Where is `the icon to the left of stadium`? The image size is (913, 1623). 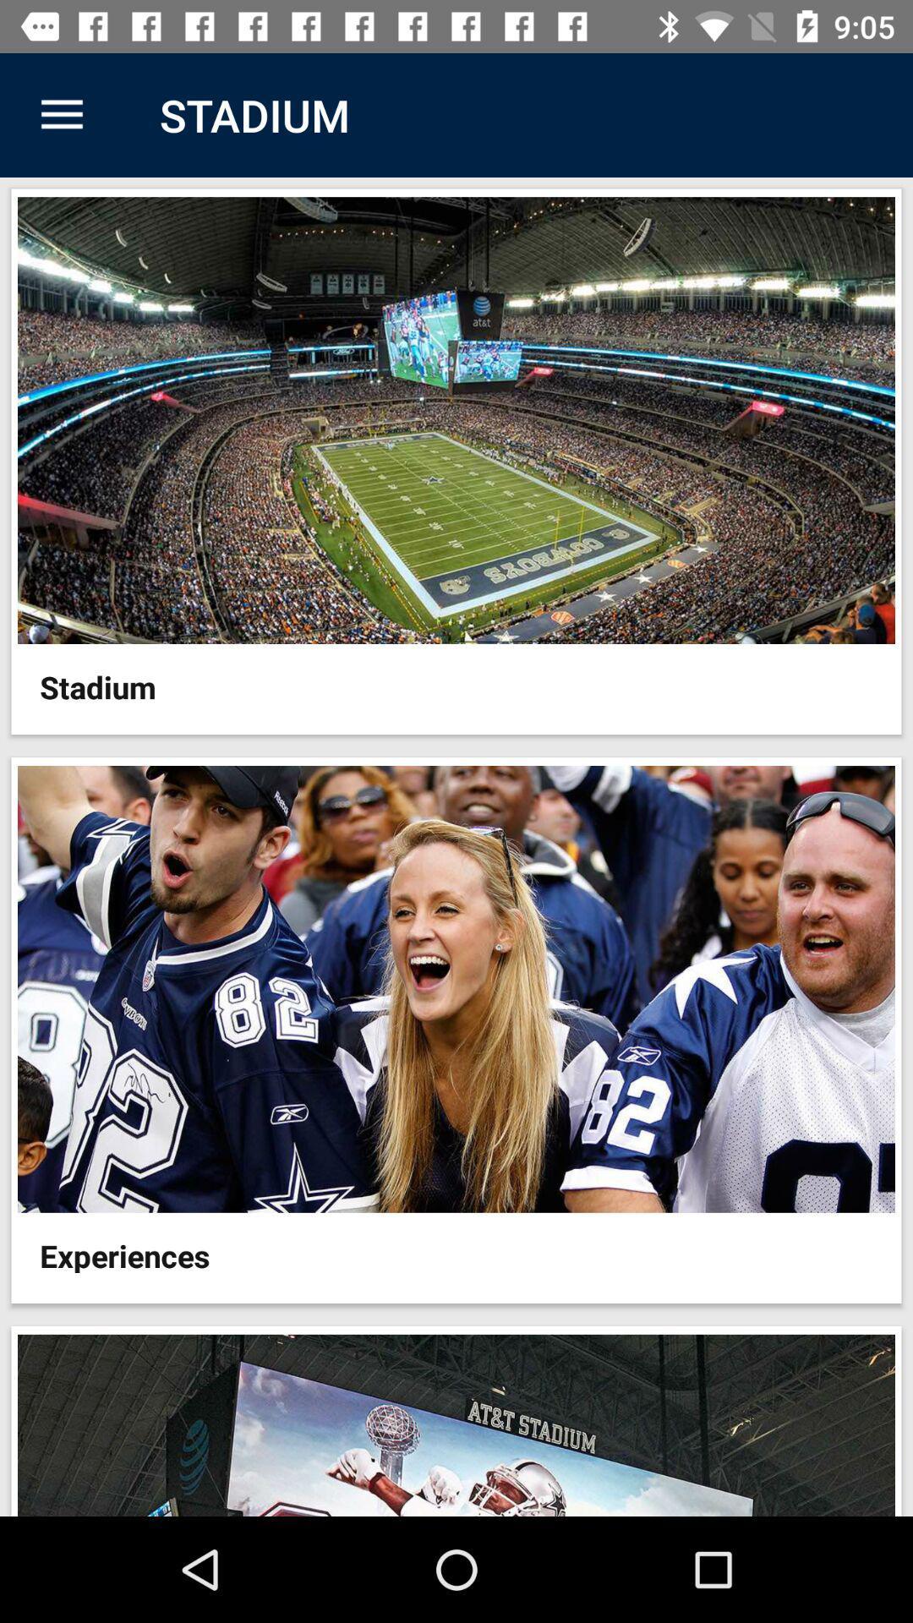
the icon to the left of stadium is located at coordinates (61, 114).